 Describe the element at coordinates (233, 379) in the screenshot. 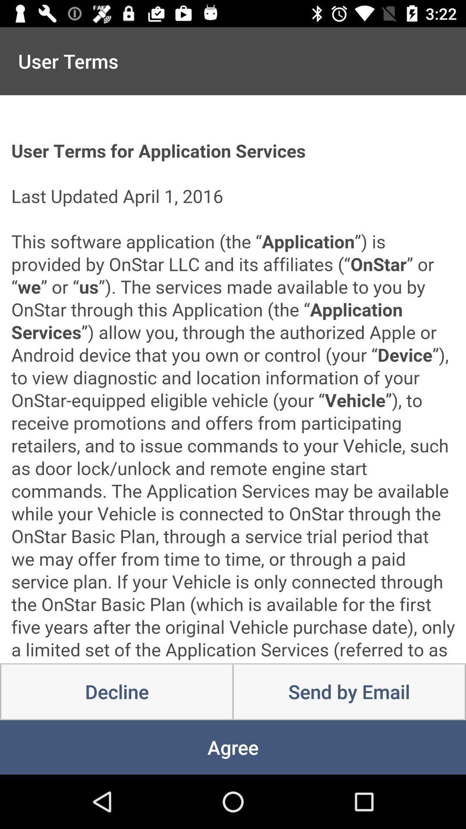

I see `item at the center` at that location.